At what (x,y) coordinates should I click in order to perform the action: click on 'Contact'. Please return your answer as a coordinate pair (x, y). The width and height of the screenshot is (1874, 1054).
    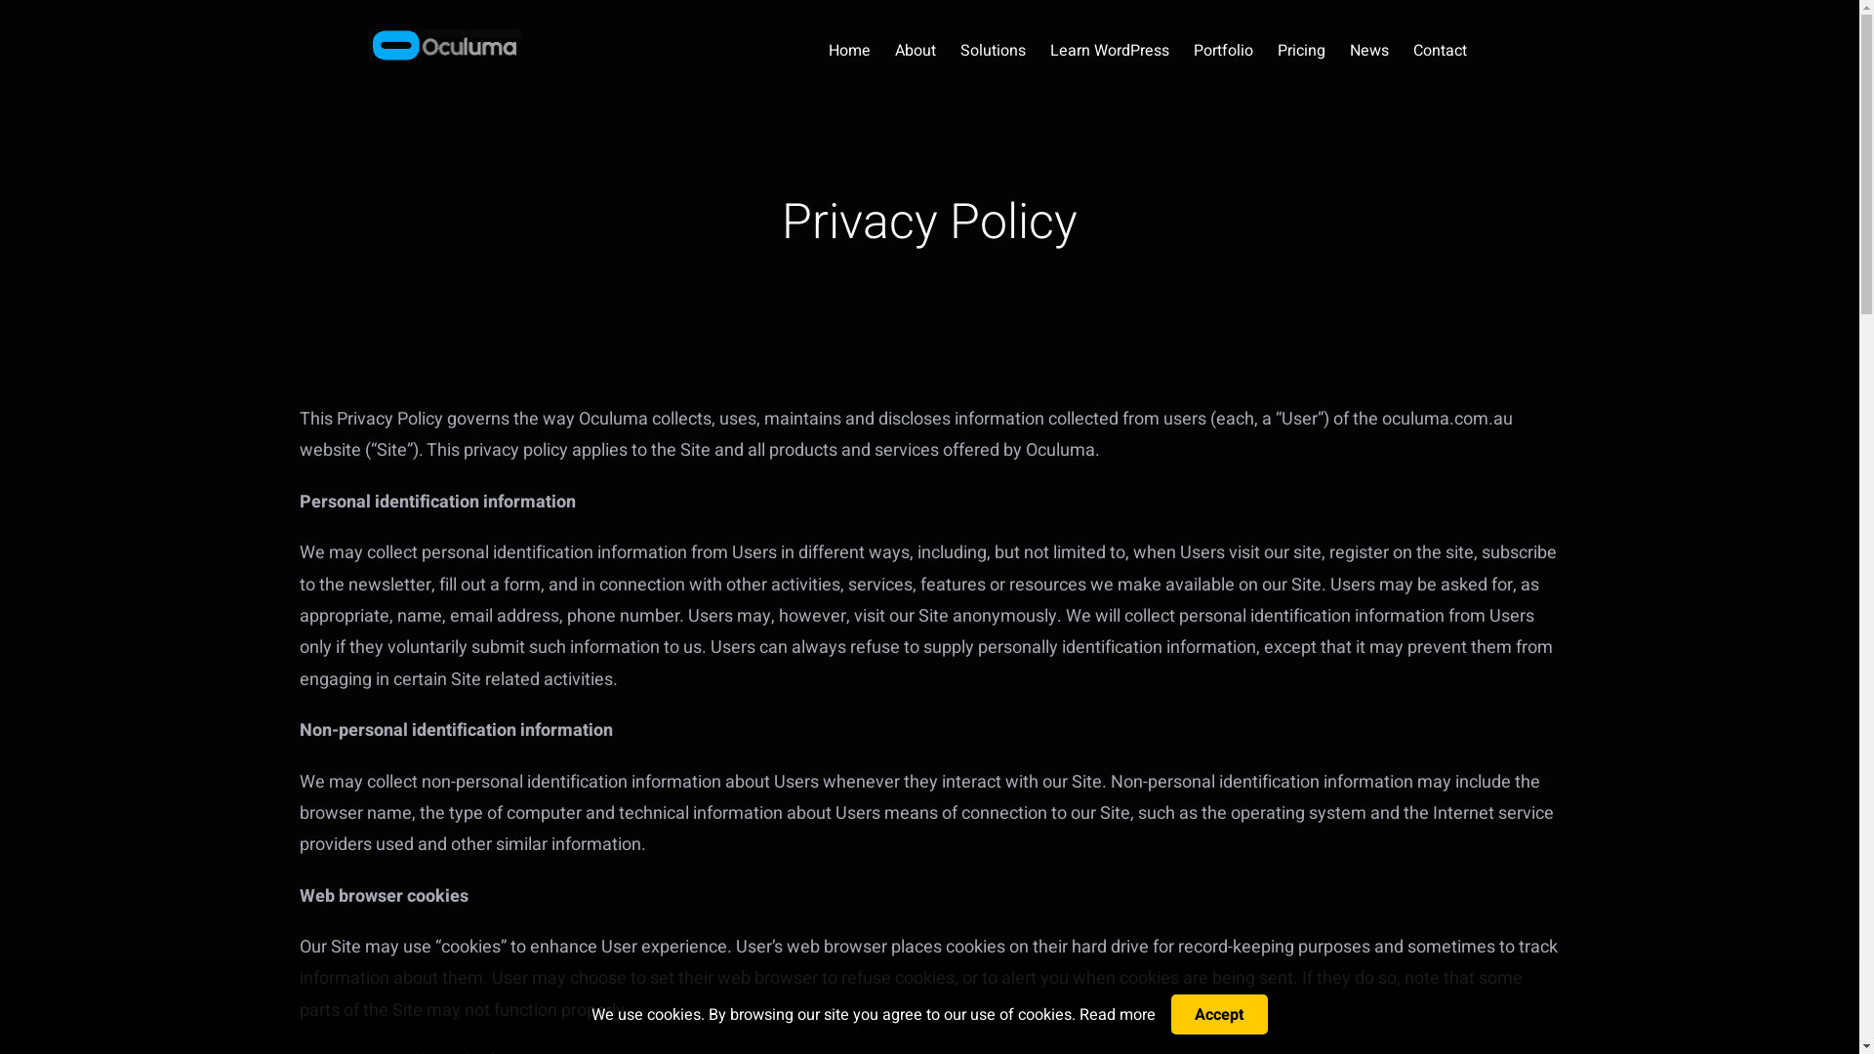
    Looking at the image, I should click on (1440, 49).